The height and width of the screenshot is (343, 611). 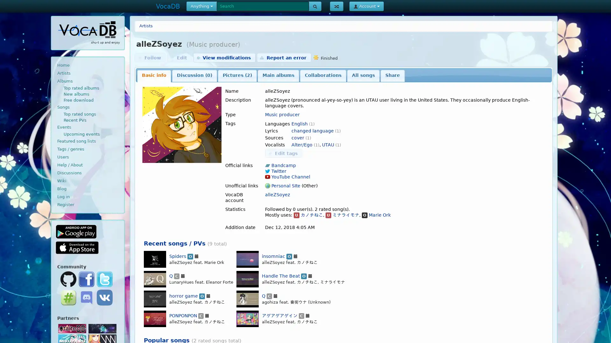 I want to click on View modifications, so click(x=224, y=57).